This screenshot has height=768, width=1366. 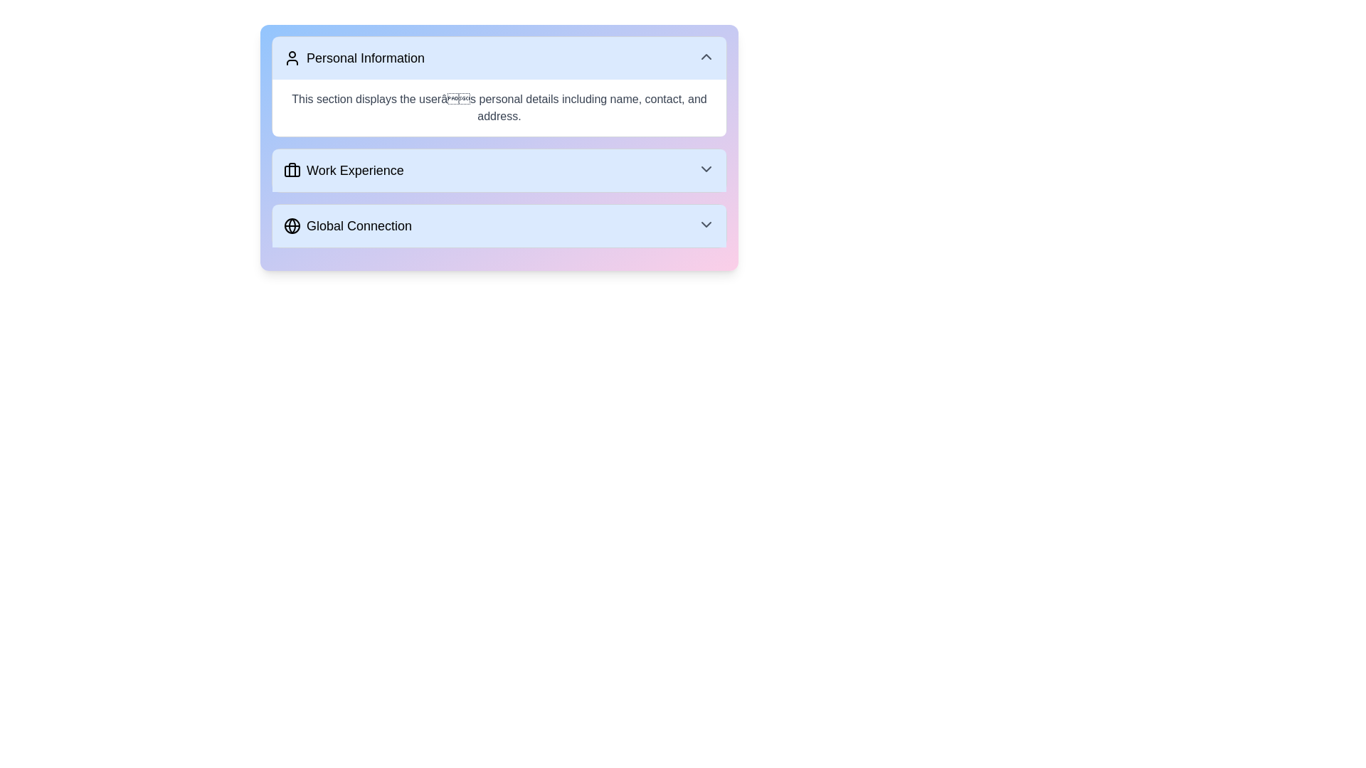 I want to click on the downward-pointing chevron icon in the 'Work Experience' section header, so click(x=706, y=169).